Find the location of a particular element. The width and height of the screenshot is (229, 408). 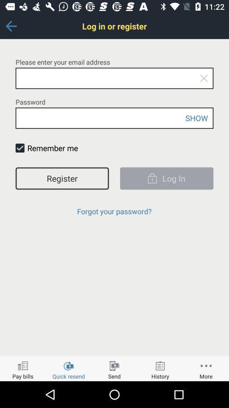

place to enter email is located at coordinates (114, 78).